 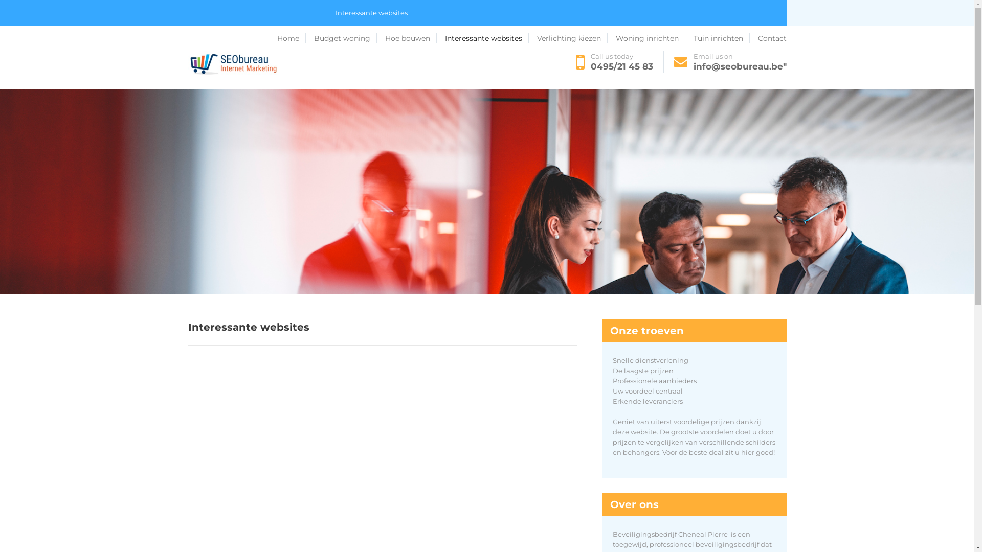 What do you see at coordinates (444, 37) in the screenshot?
I see `'Interessante websites'` at bounding box center [444, 37].